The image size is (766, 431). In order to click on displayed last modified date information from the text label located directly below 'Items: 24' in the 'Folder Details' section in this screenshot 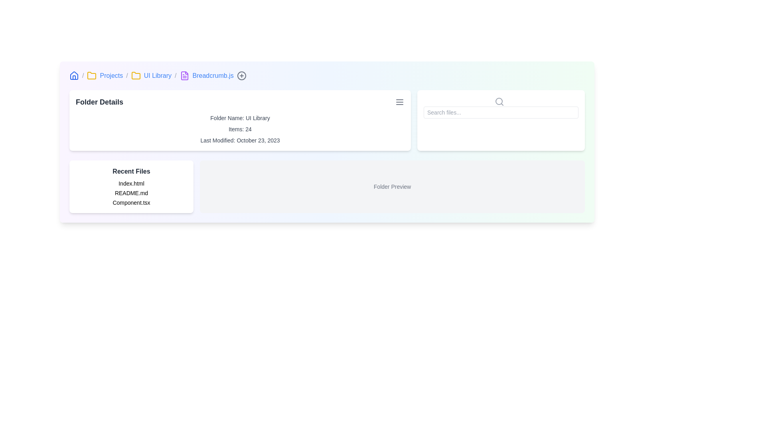, I will do `click(239, 140)`.